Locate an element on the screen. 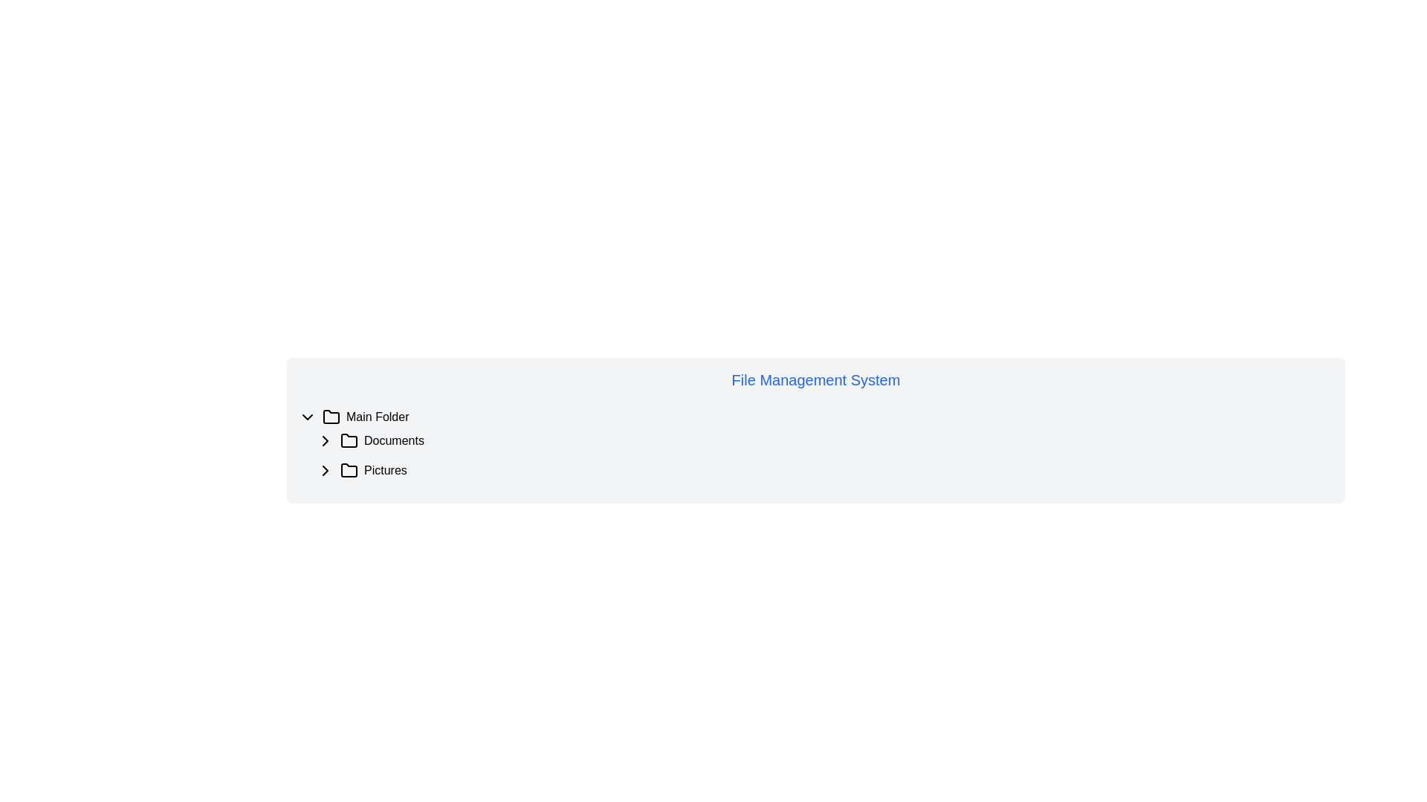  on the folder representation item labeled 'Main Folder' in the file management section is located at coordinates (365, 417).